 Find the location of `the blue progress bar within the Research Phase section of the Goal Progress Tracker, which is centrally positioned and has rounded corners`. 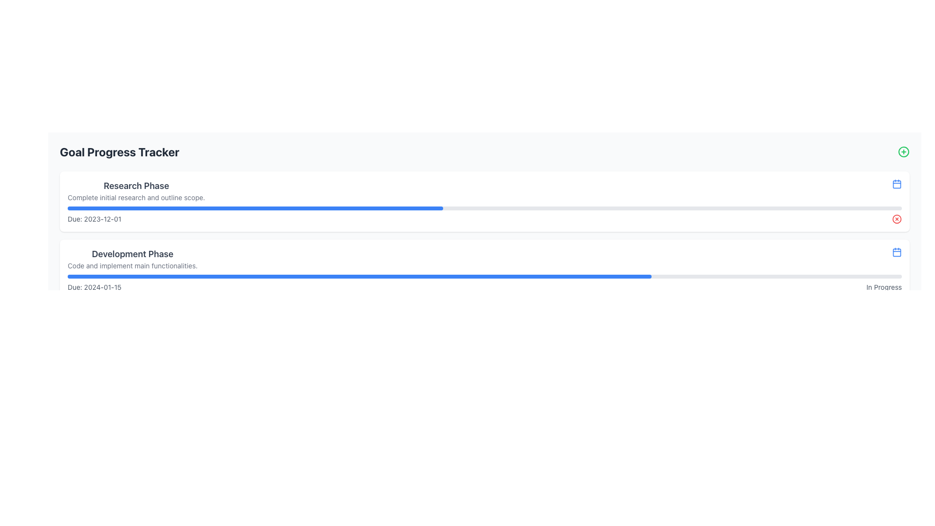

the blue progress bar within the Research Phase section of the Goal Progress Tracker, which is centrally positioned and has rounded corners is located at coordinates (255, 208).